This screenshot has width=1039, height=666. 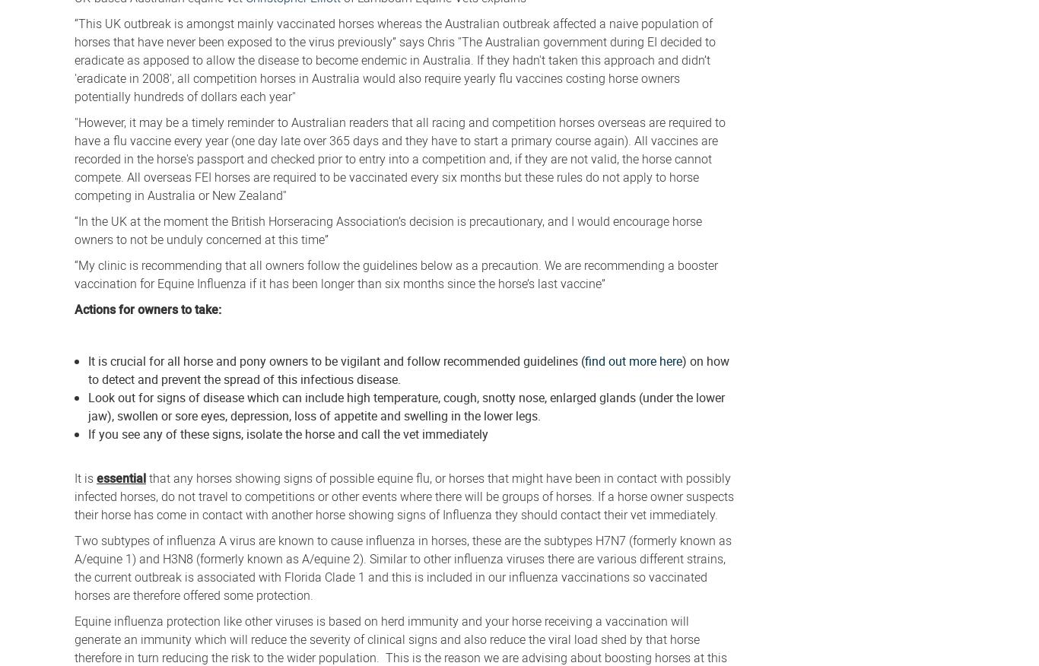 What do you see at coordinates (404, 496) in the screenshot?
I see `'that any horses showing signs of possible equine flu, or horses that might have been in contact with possibly infected horses, do not travel to competitions or other events where there will be groups of horses. If a horse owner suspects their horse has come in contact with another horse showing signs of Influenza they should contact their vet immediately.'` at bounding box center [404, 496].